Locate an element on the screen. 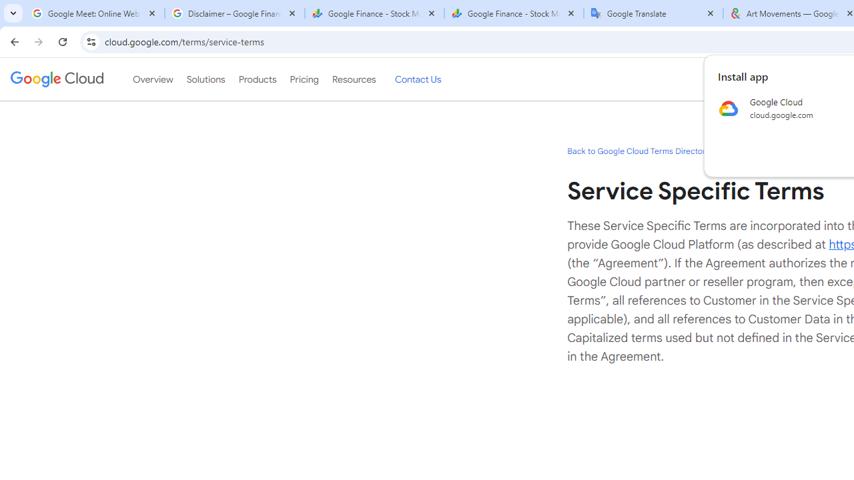 The width and height of the screenshot is (854, 480). 'Overview' is located at coordinates (153, 79).